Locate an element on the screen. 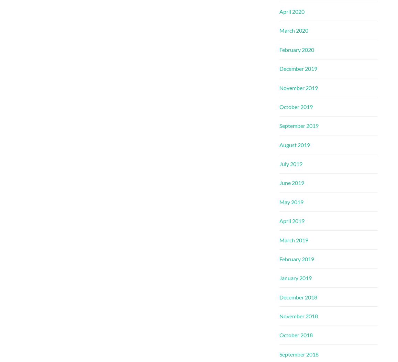 The height and width of the screenshot is (362, 398). 'April 2019' is located at coordinates (291, 220).